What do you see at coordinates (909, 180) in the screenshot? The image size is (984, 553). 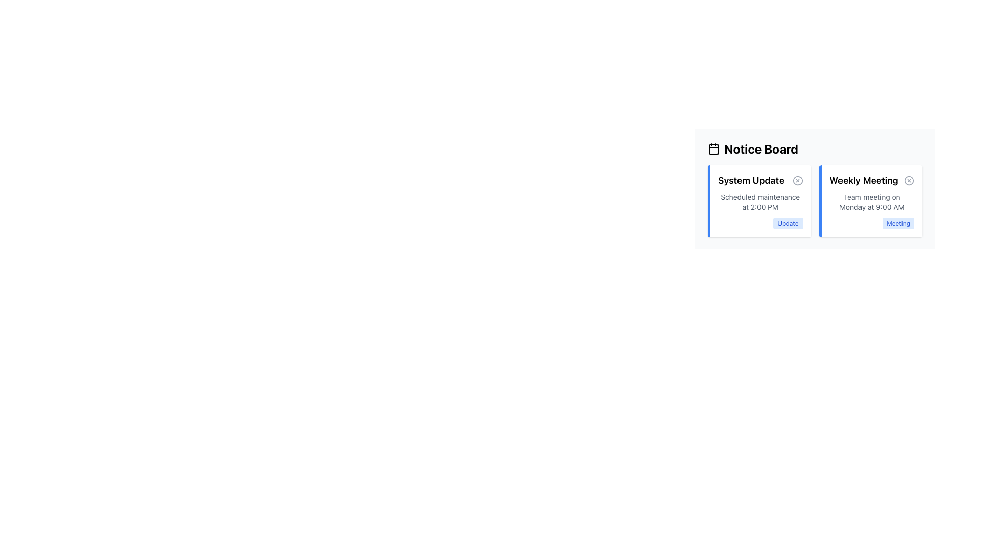 I see `the circular 'X' icon located to the right of the 'Weekly Meeting' text` at bounding box center [909, 180].